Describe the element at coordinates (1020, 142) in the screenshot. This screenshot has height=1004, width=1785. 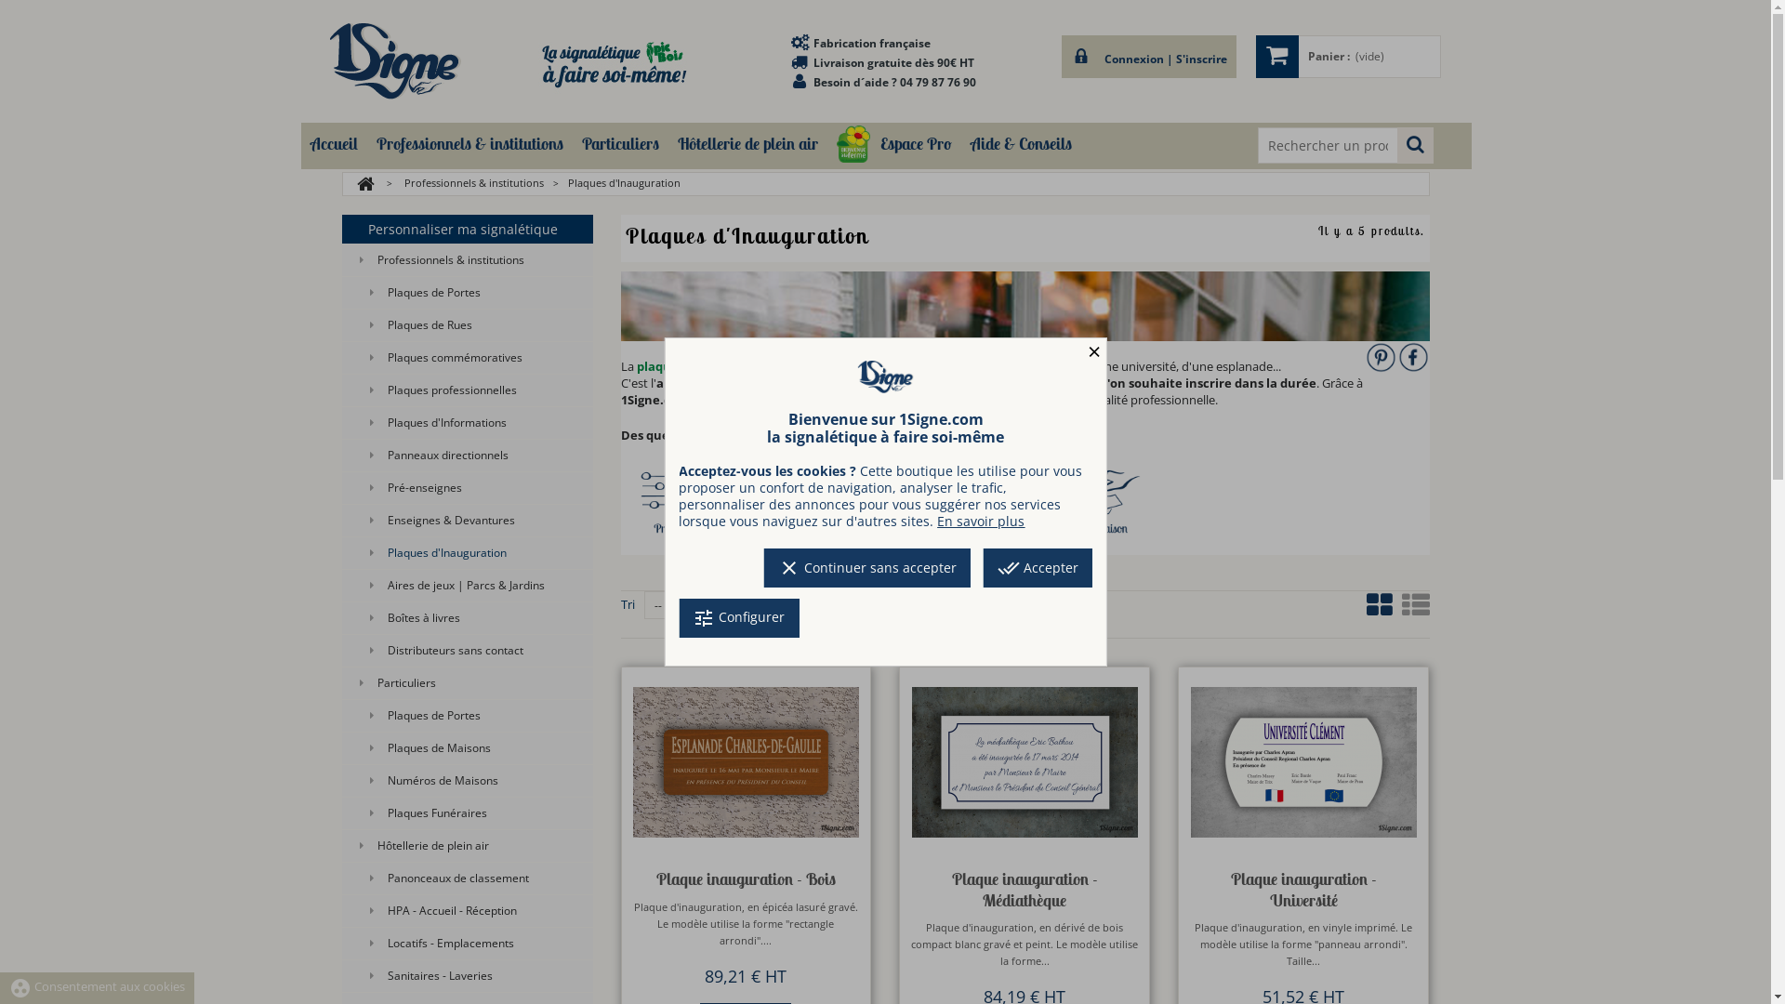
I see `'Aide & Conseils'` at that location.